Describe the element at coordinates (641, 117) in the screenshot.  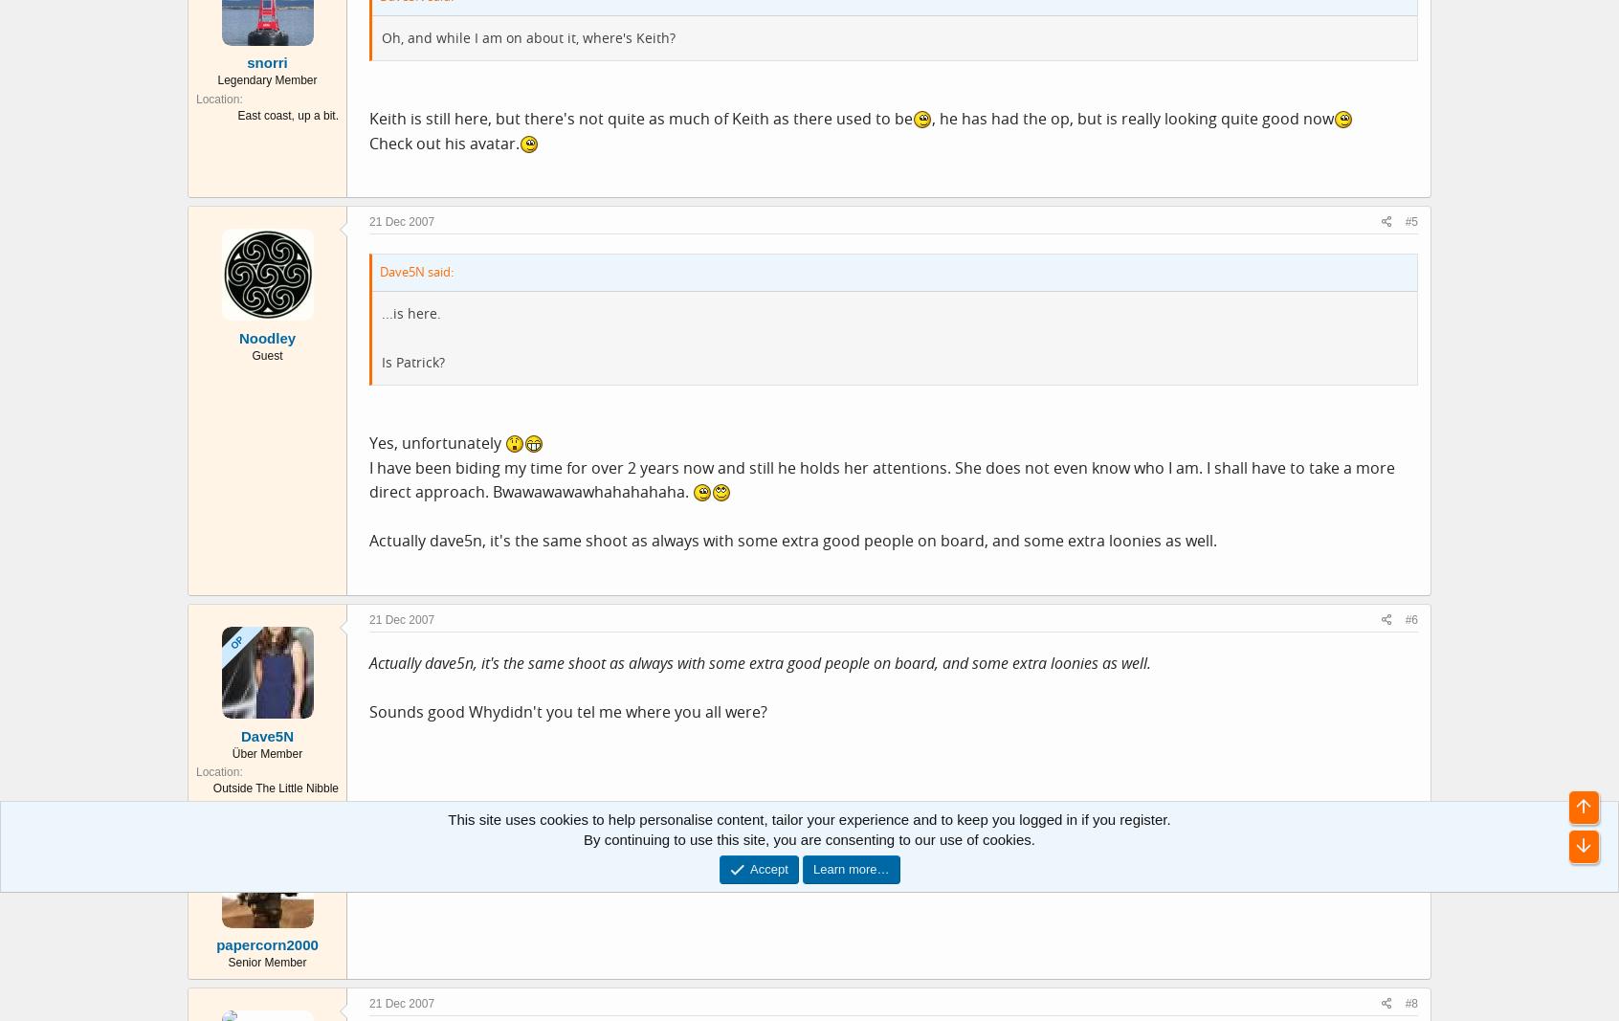
I see `'Keith is still here, but there's not quite as much of Keith as there used to be'` at that location.